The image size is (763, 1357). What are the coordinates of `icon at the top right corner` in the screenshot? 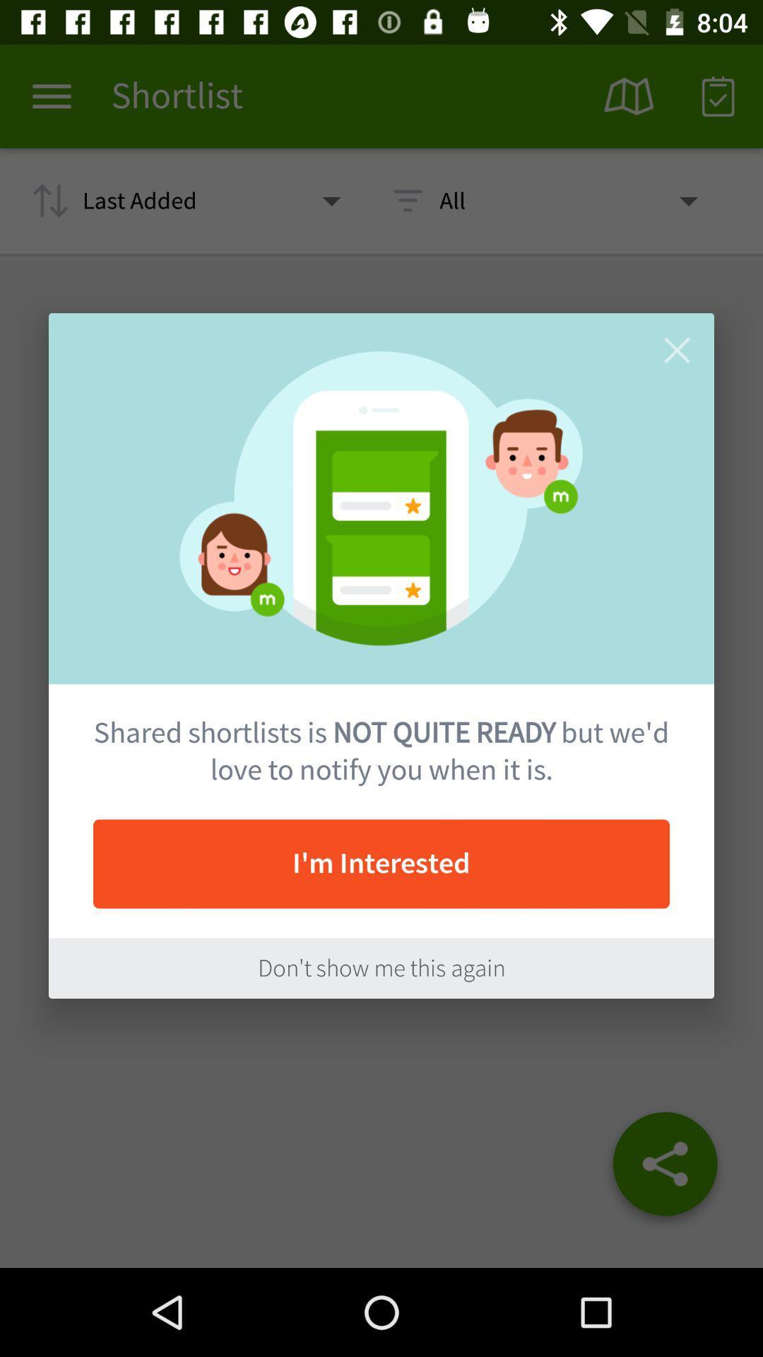 It's located at (676, 350).